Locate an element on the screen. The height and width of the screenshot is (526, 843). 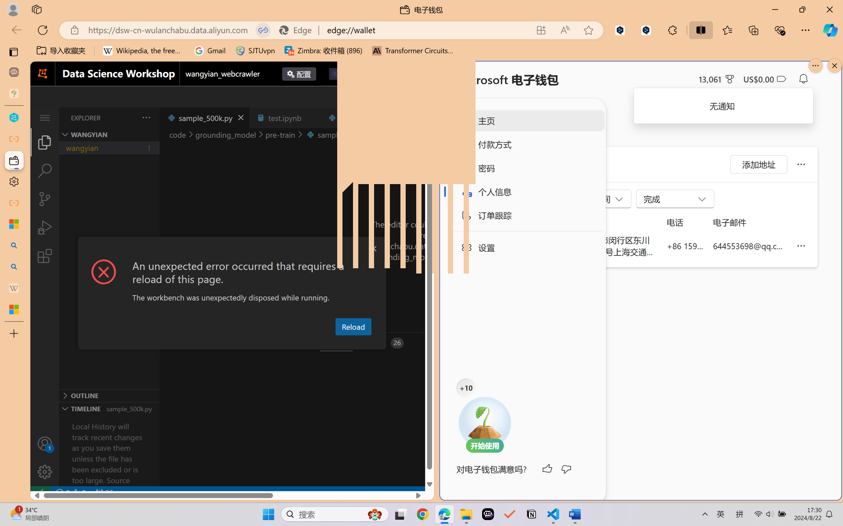
'Search (Ctrl+Shift+F)' is located at coordinates (44, 170).